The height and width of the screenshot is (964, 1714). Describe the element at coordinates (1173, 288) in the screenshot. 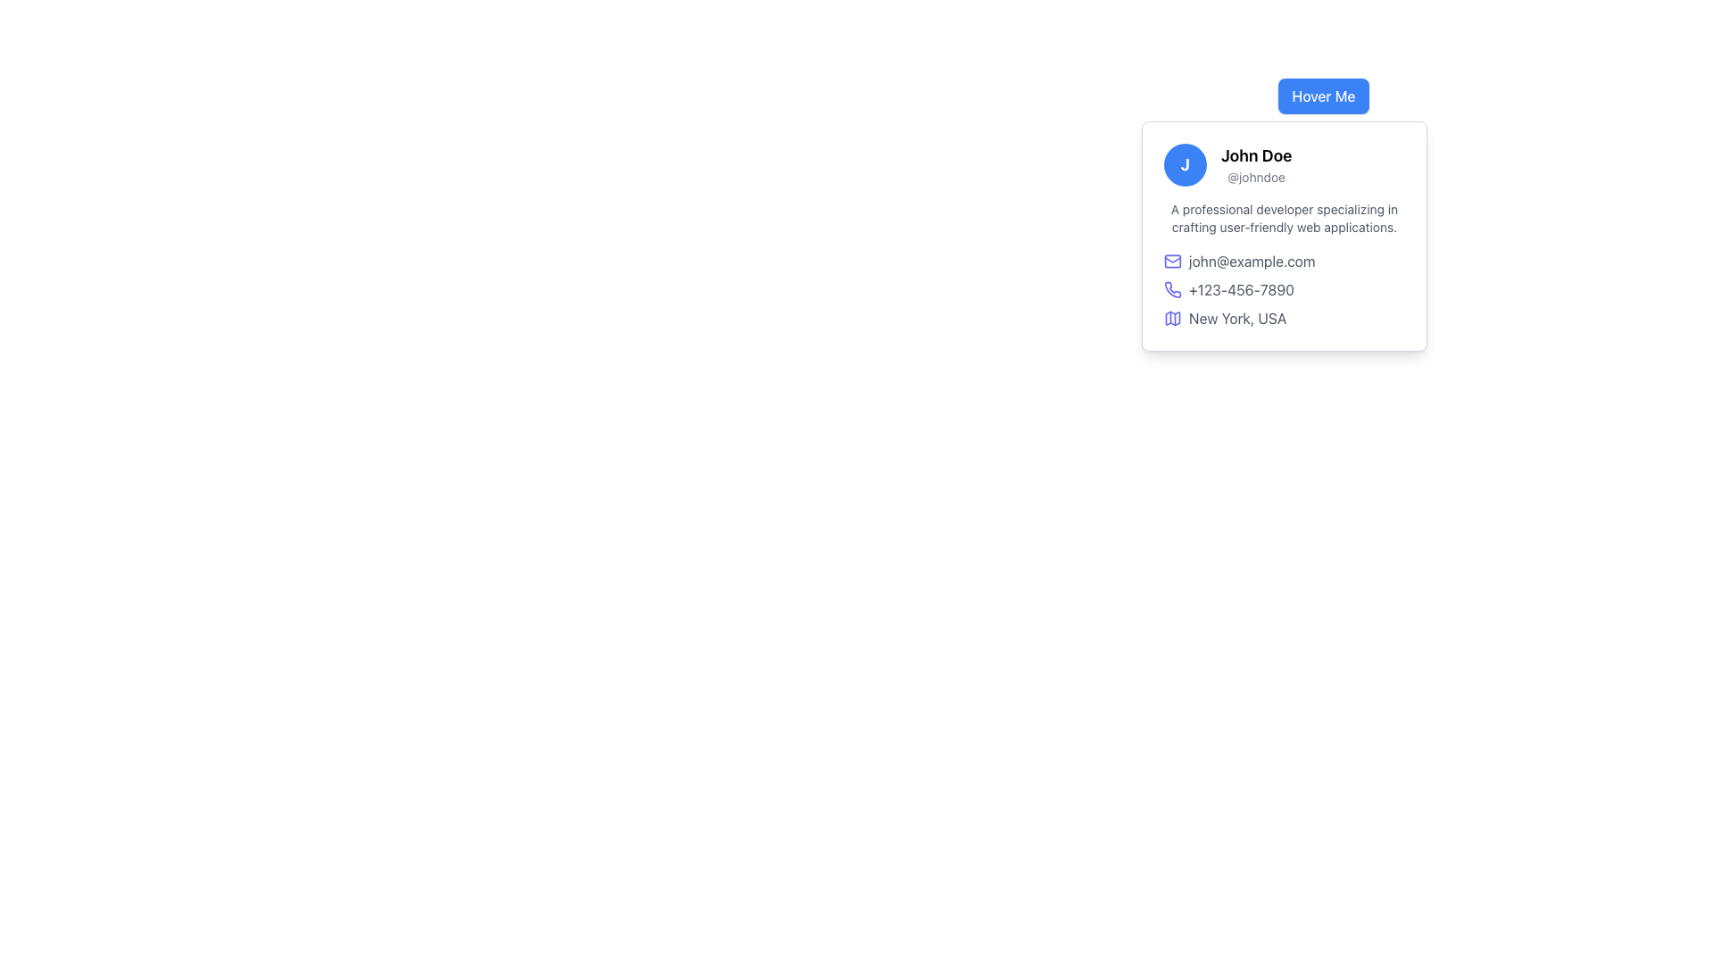

I see `the phone icon that indicates the nearby text represents a phone number, located under the 'Hover Me' button in the contact info card` at that location.